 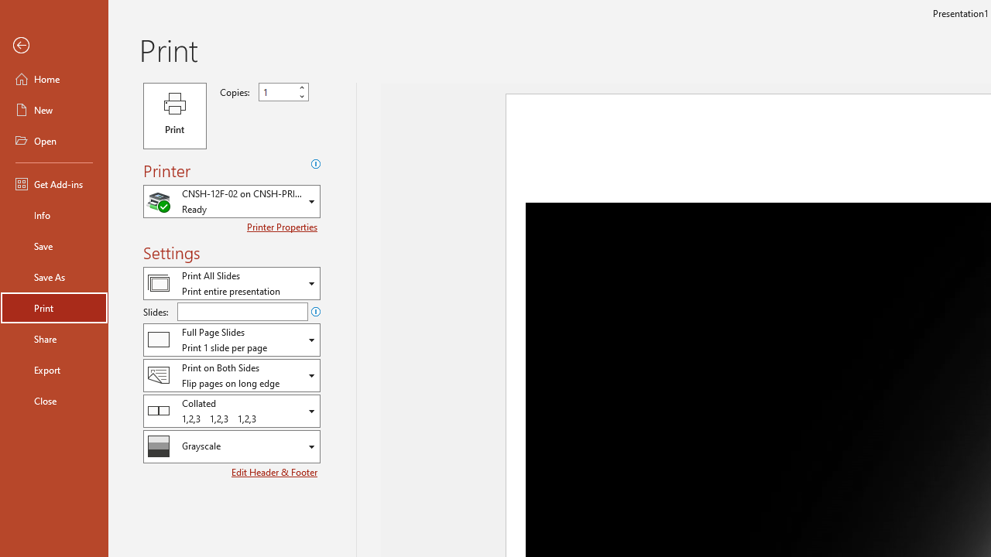 I want to click on 'Collation', so click(x=231, y=410).